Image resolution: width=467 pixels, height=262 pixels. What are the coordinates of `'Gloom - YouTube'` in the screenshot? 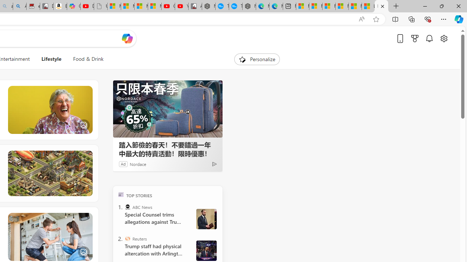 It's located at (167, 6).